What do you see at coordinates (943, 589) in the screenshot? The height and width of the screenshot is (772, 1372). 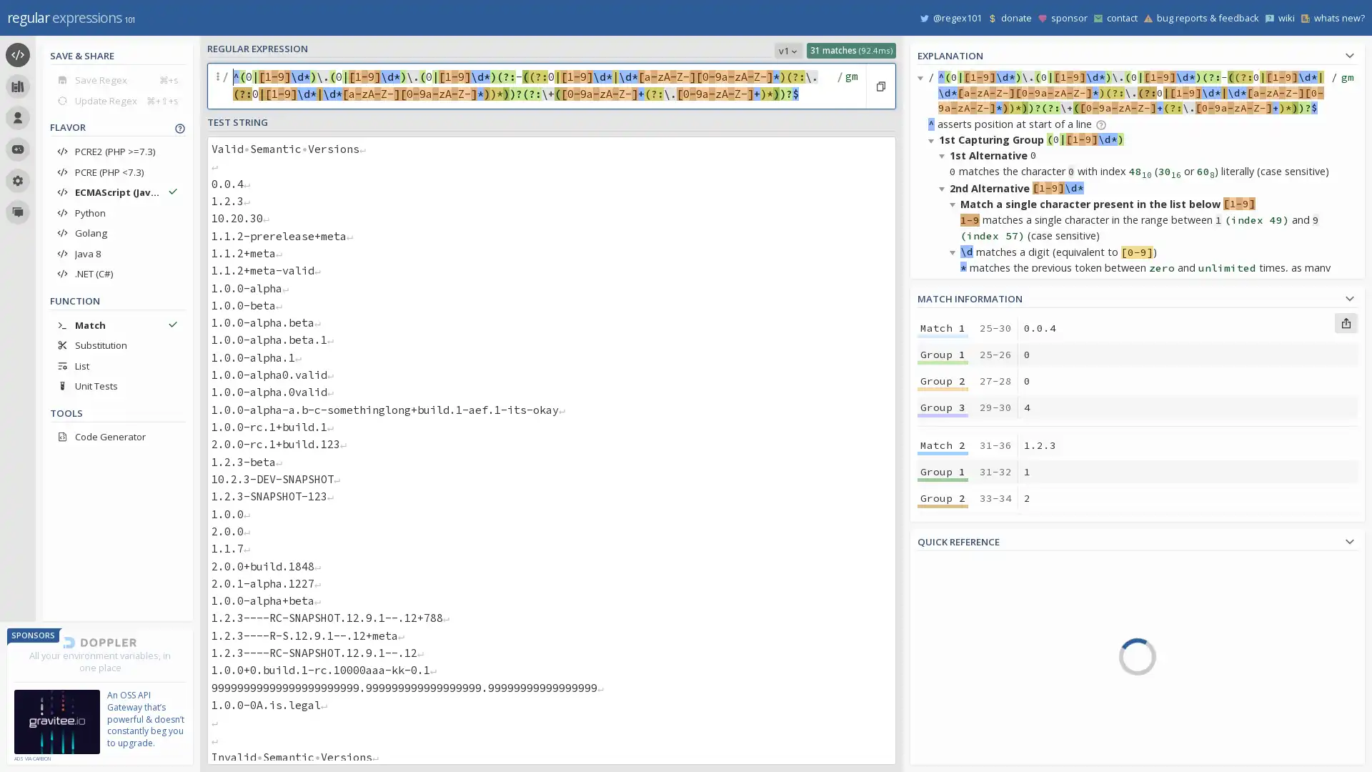 I see `Group 1` at bounding box center [943, 589].